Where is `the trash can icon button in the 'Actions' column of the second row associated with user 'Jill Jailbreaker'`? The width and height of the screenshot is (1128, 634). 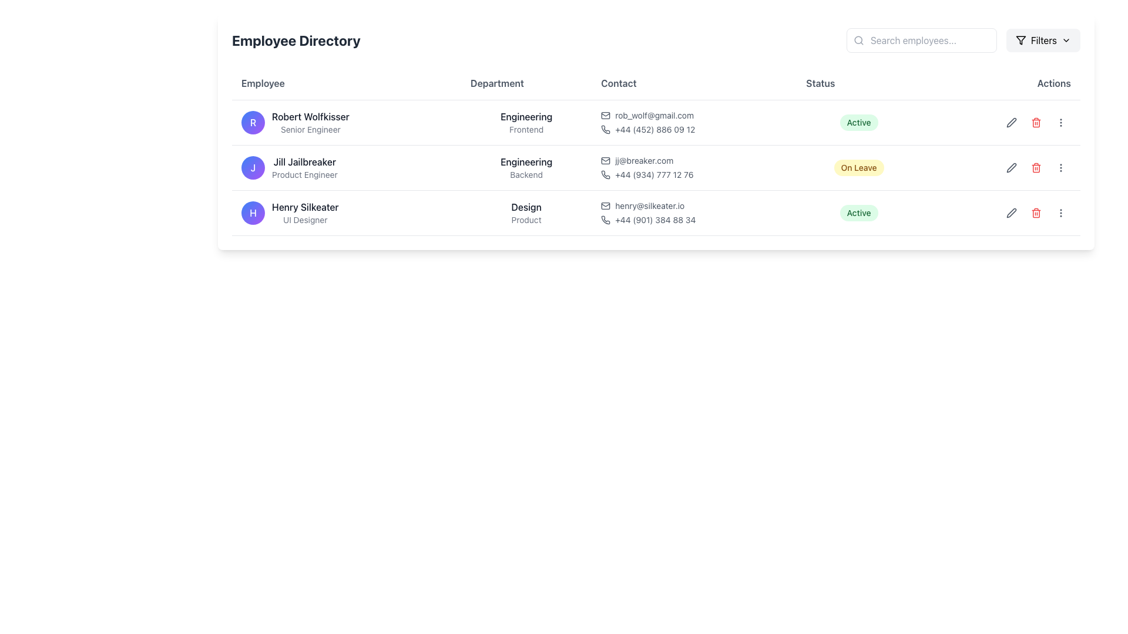
the trash can icon button in the 'Actions' column of the second row associated with user 'Jill Jailbreaker' is located at coordinates (1036, 167).